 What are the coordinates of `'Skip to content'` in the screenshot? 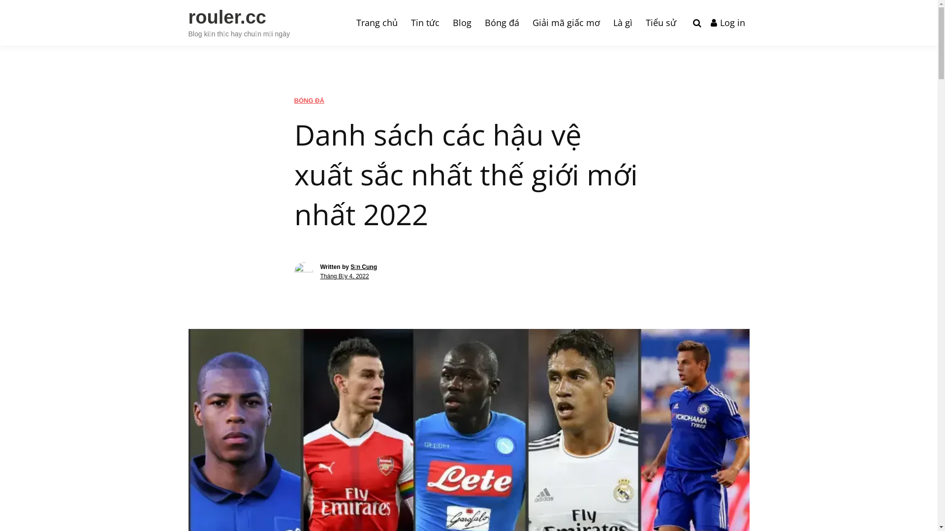 It's located at (0, 0).